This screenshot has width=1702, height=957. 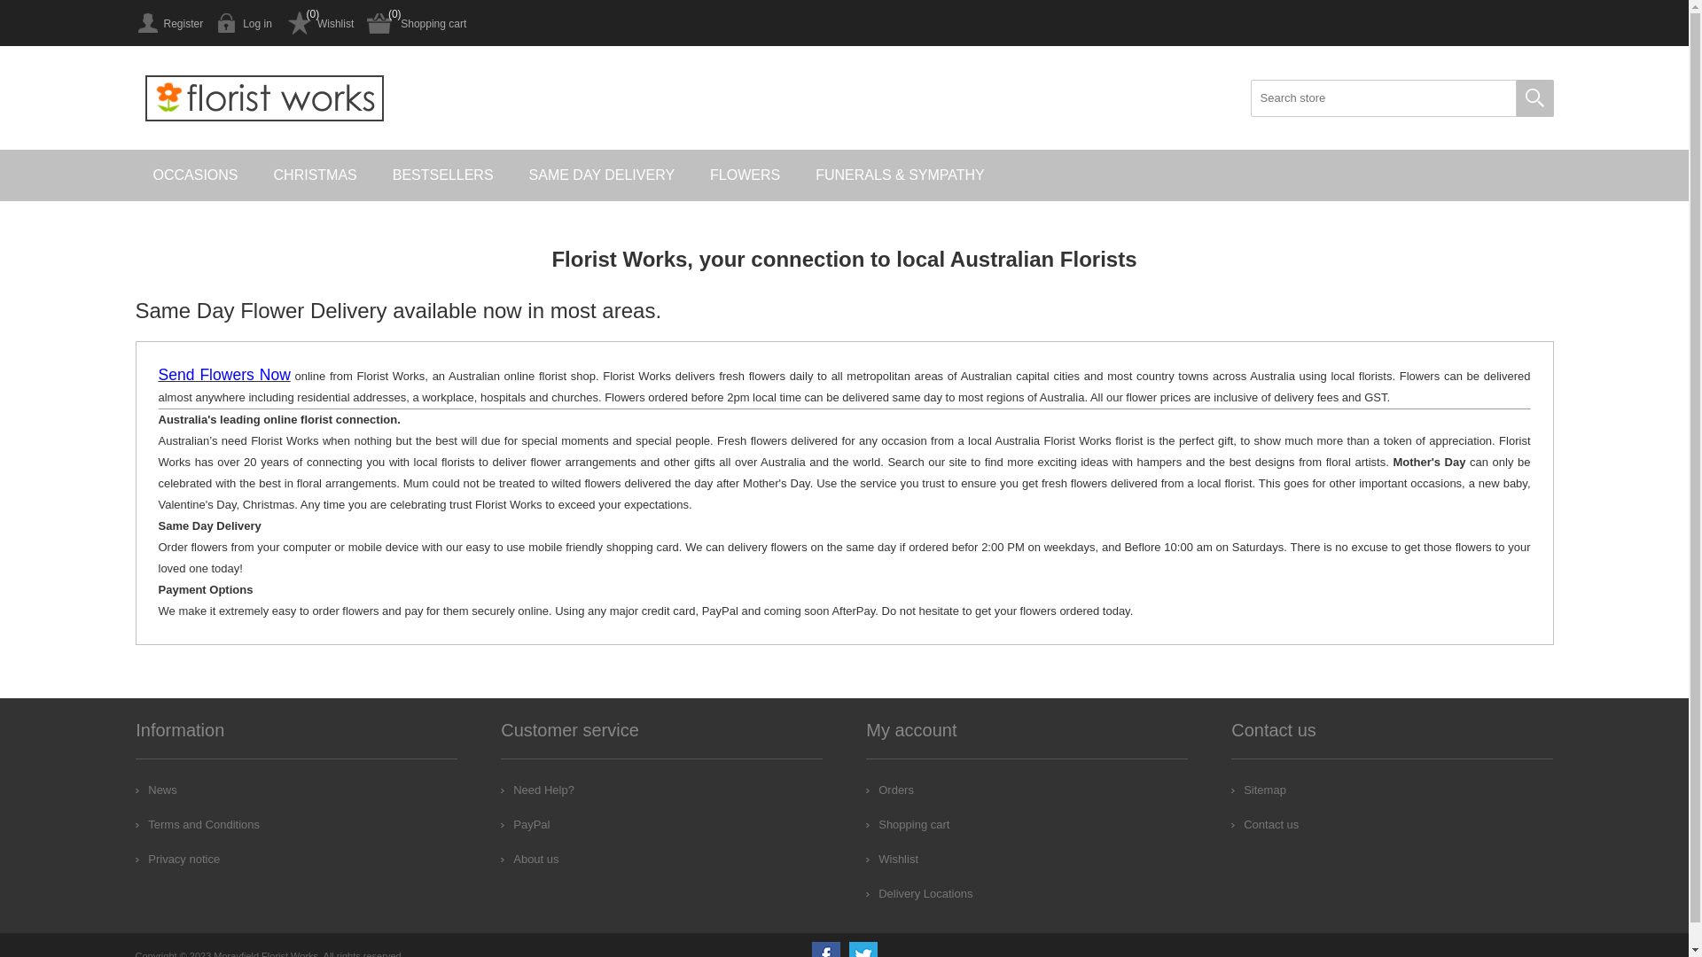 What do you see at coordinates (285, 23) in the screenshot?
I see `'Wishlist'` at bounding box center [285, 23].